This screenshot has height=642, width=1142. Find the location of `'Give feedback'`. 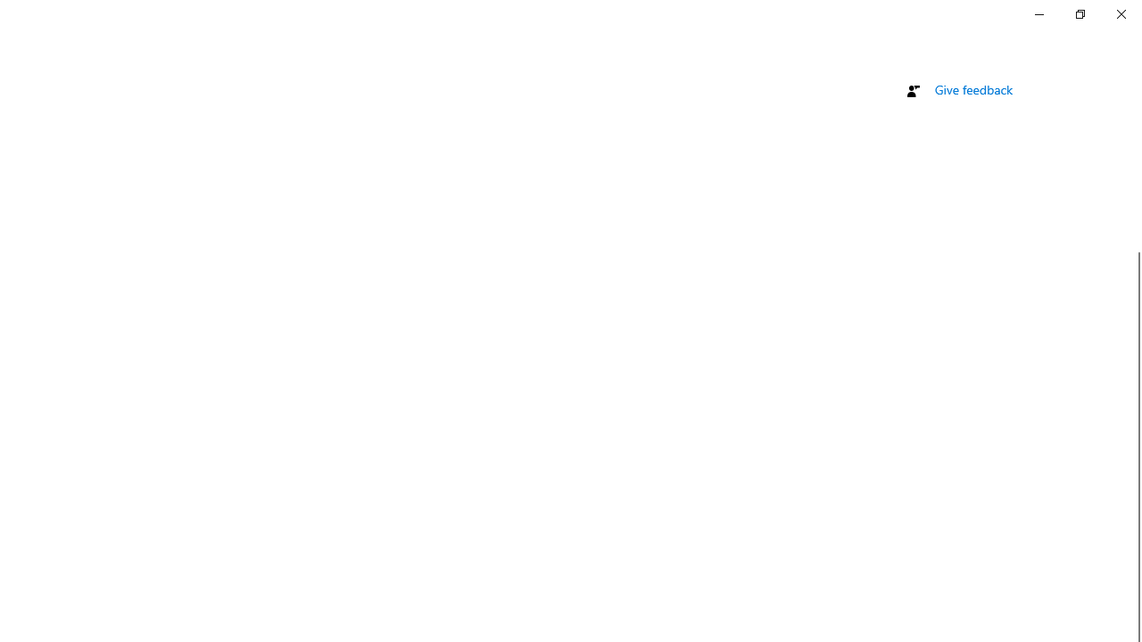

'Give feedback' is located at coordinates (972, 89).